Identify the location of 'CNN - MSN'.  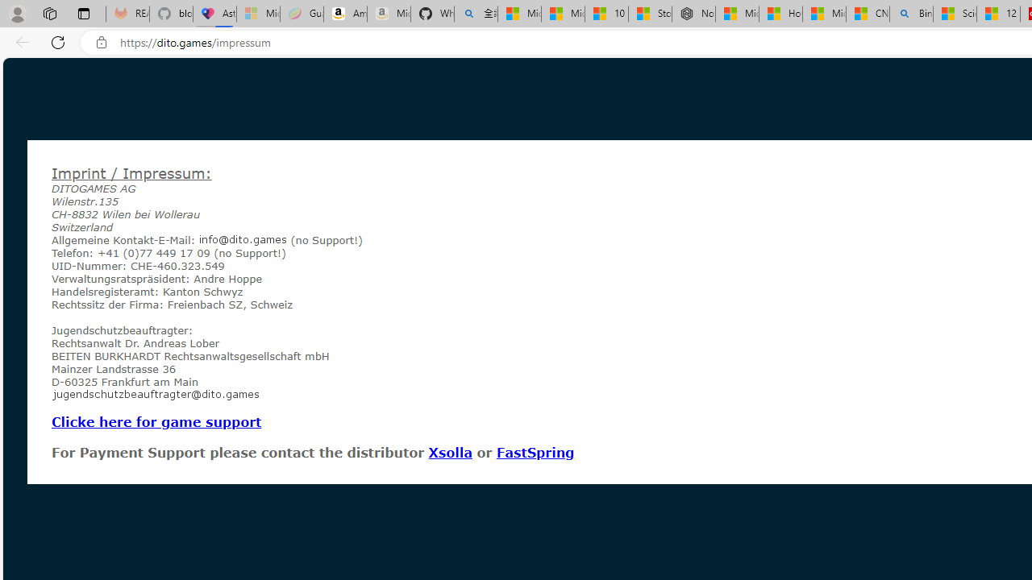
(867, 14).